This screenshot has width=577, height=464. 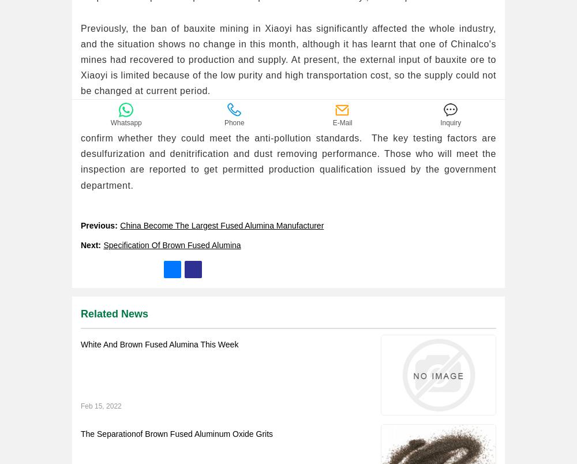 I want to click on 'Phone', so click(x=234, y=136).